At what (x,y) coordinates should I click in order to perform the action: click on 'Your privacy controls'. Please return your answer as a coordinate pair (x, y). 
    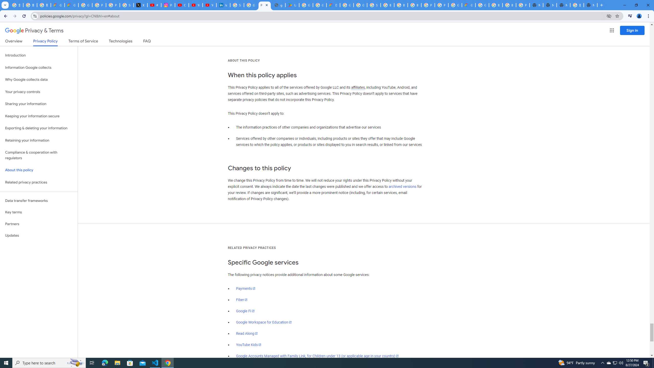
    Looking at the image, I should click on (39, 92).